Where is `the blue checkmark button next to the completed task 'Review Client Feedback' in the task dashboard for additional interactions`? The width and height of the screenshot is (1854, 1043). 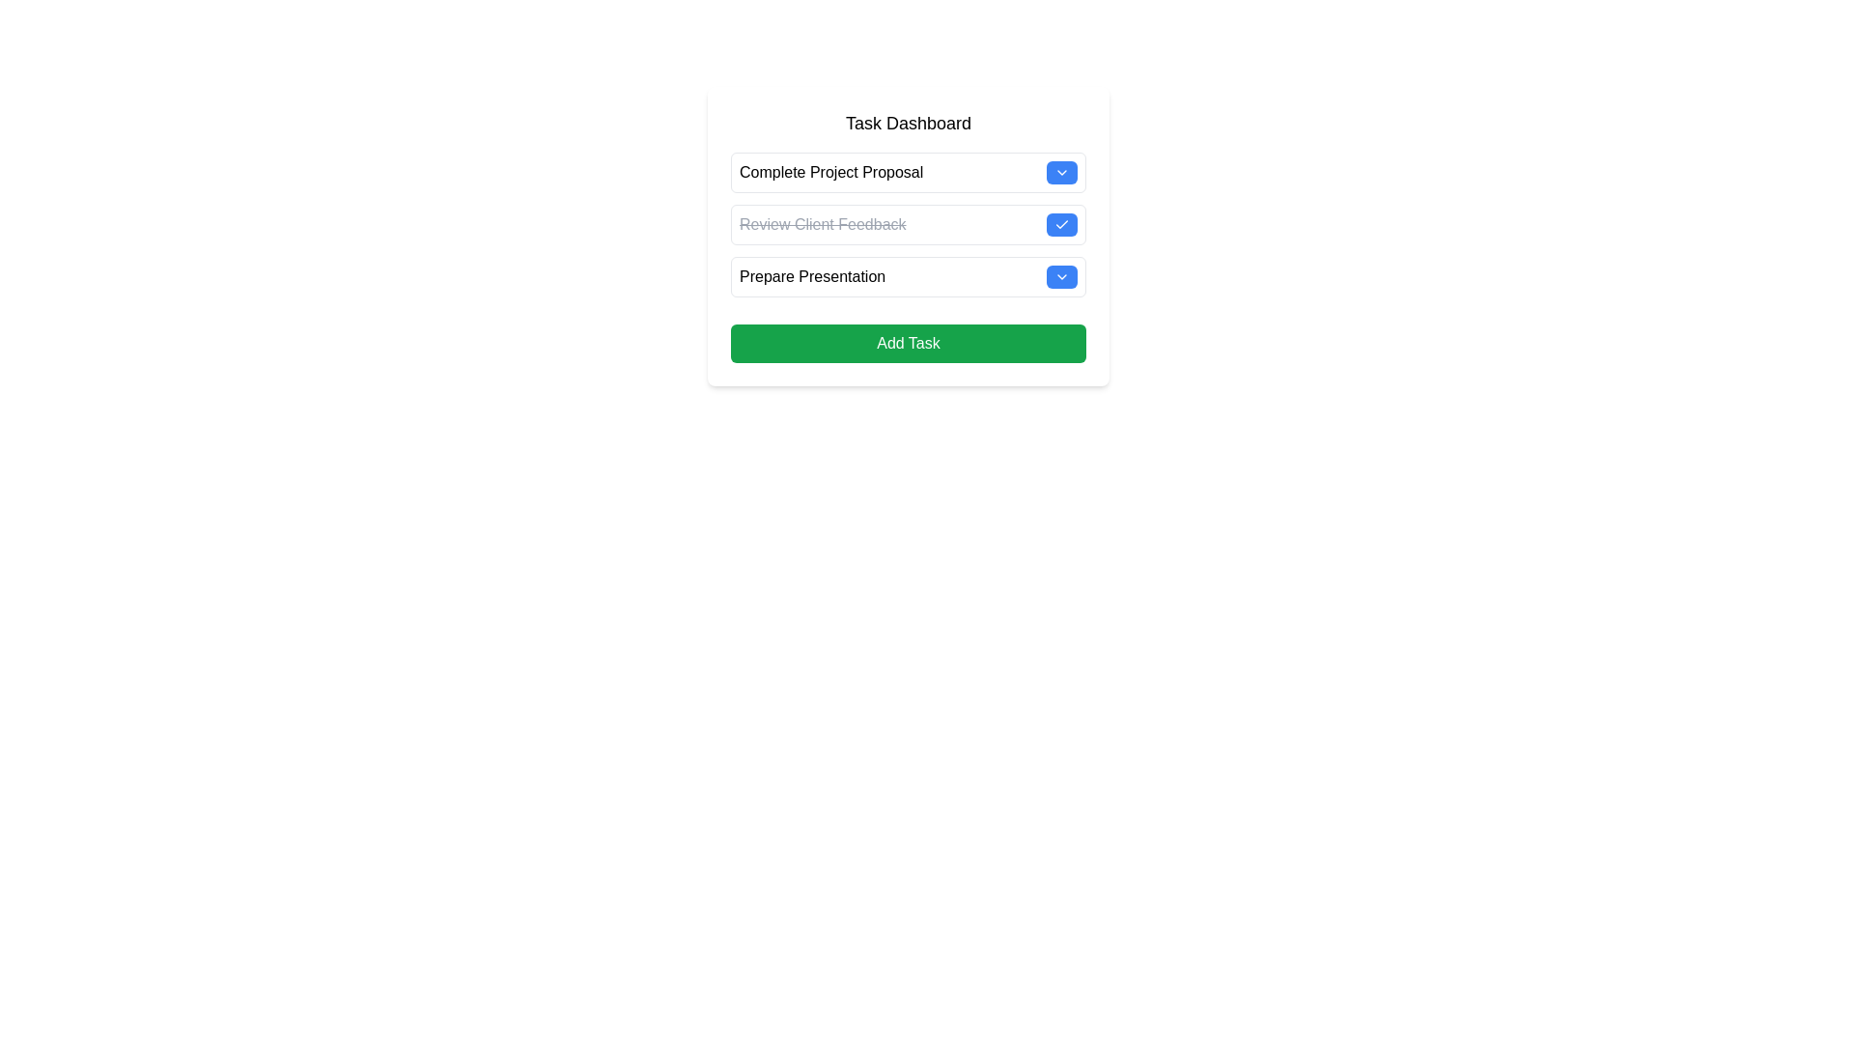
the blue checkmark button next to the completed task 'Review Client Feedback' in the task dashboard for additional interactions is located at coordinates (907, 236).